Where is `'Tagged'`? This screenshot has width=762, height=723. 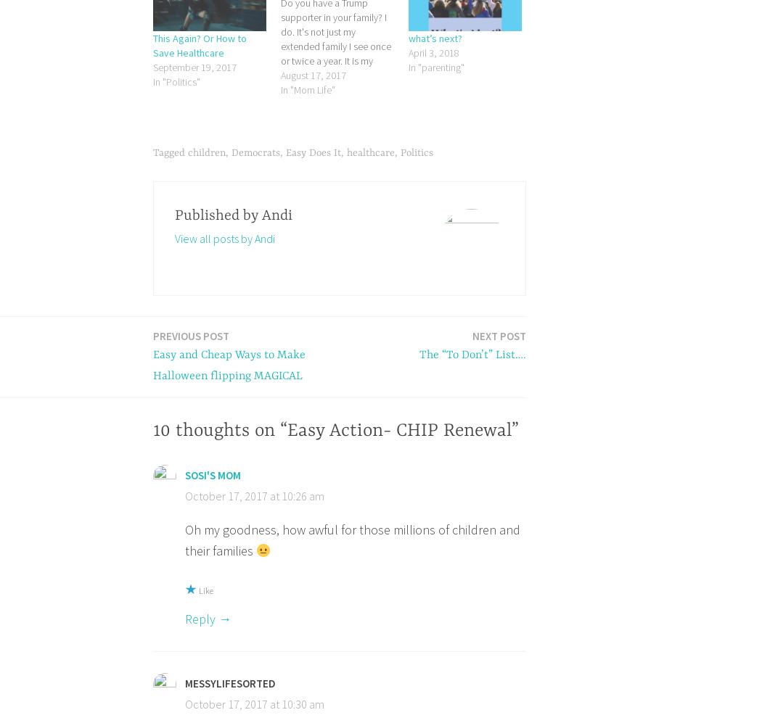 'Tagged' is located at coordinates (170, 152).